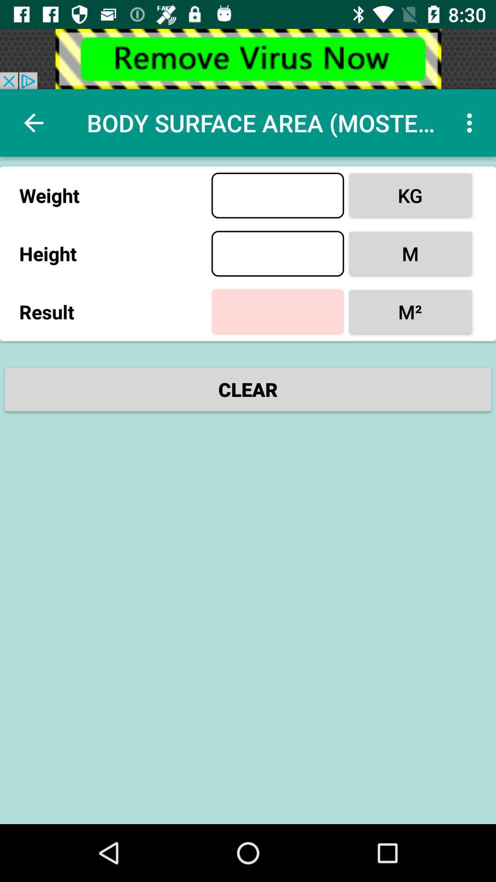 The height and width of the screenshot is (882, 496). I want to click on weight enter option, so click(277, 195).